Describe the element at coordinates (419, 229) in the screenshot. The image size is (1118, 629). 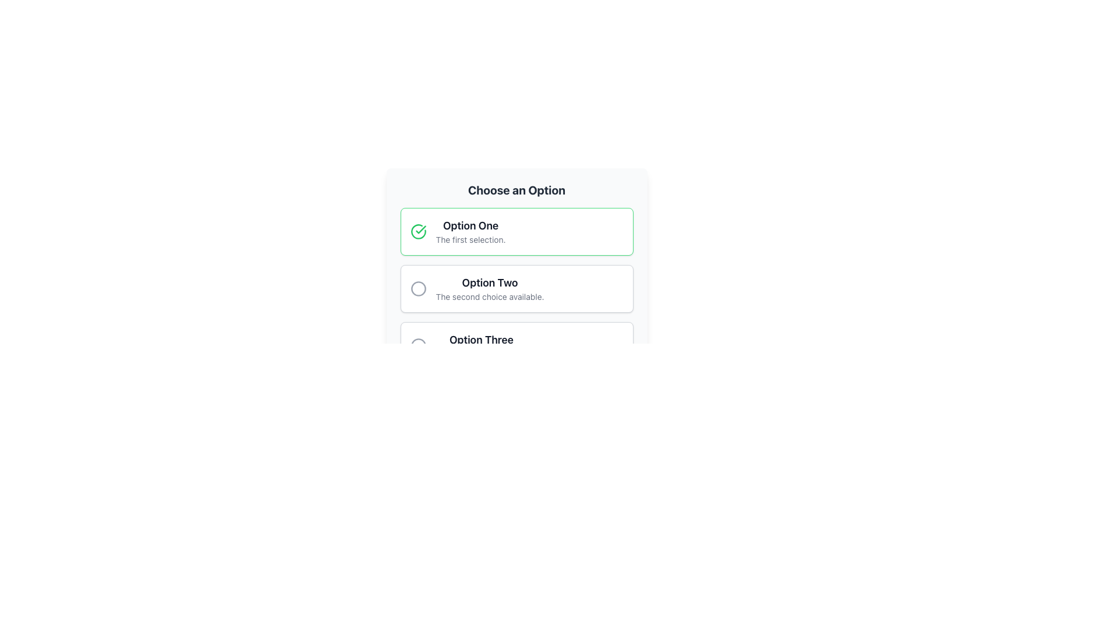
I see `the icon that visually confirms the selection of 'Option One', located to the left of the text label 'Option One'` at that location.